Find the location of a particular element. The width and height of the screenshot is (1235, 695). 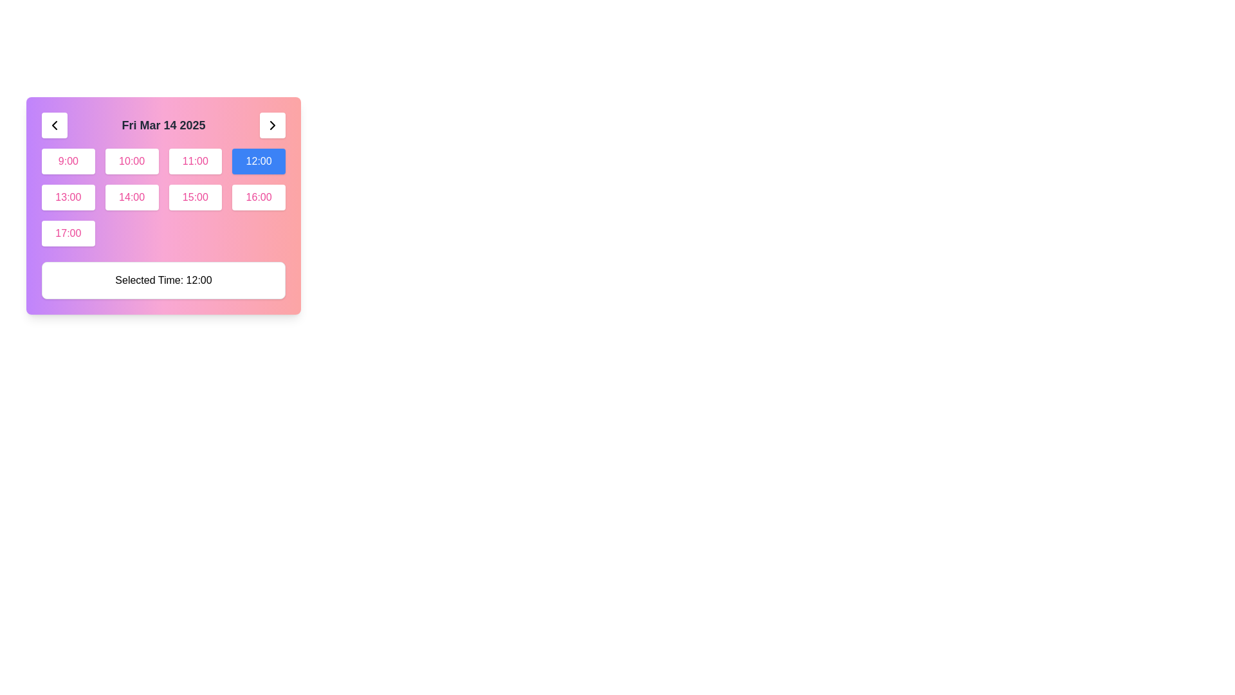

the button that allows the user to select the time 16:00, which is positioned in the last column of the second row in a 4xN grid layout, located below the button '12:00' and to the right of '15:00' is located at coordinates (258, 198).